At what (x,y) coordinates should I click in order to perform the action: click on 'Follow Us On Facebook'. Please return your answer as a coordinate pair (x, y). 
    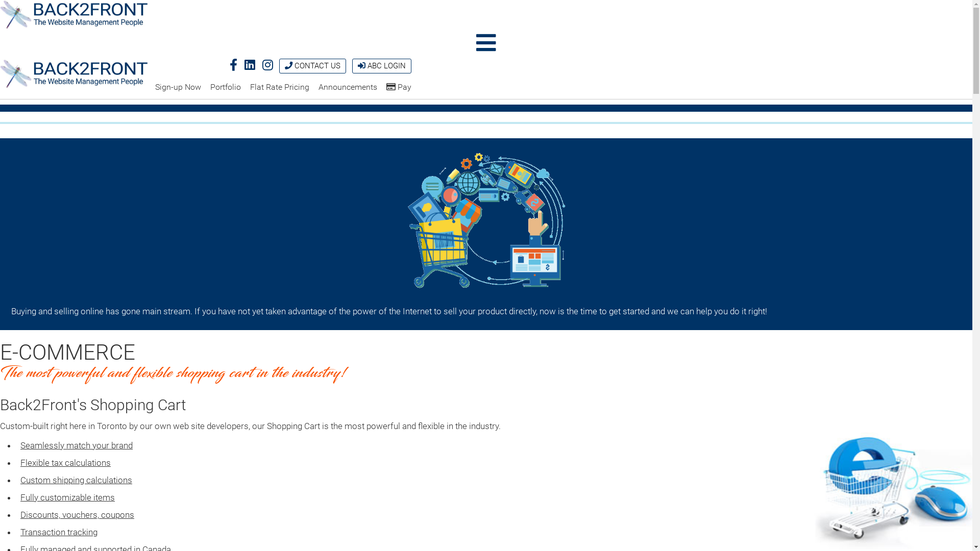
    Looking at the image, I should click on (233, 65).